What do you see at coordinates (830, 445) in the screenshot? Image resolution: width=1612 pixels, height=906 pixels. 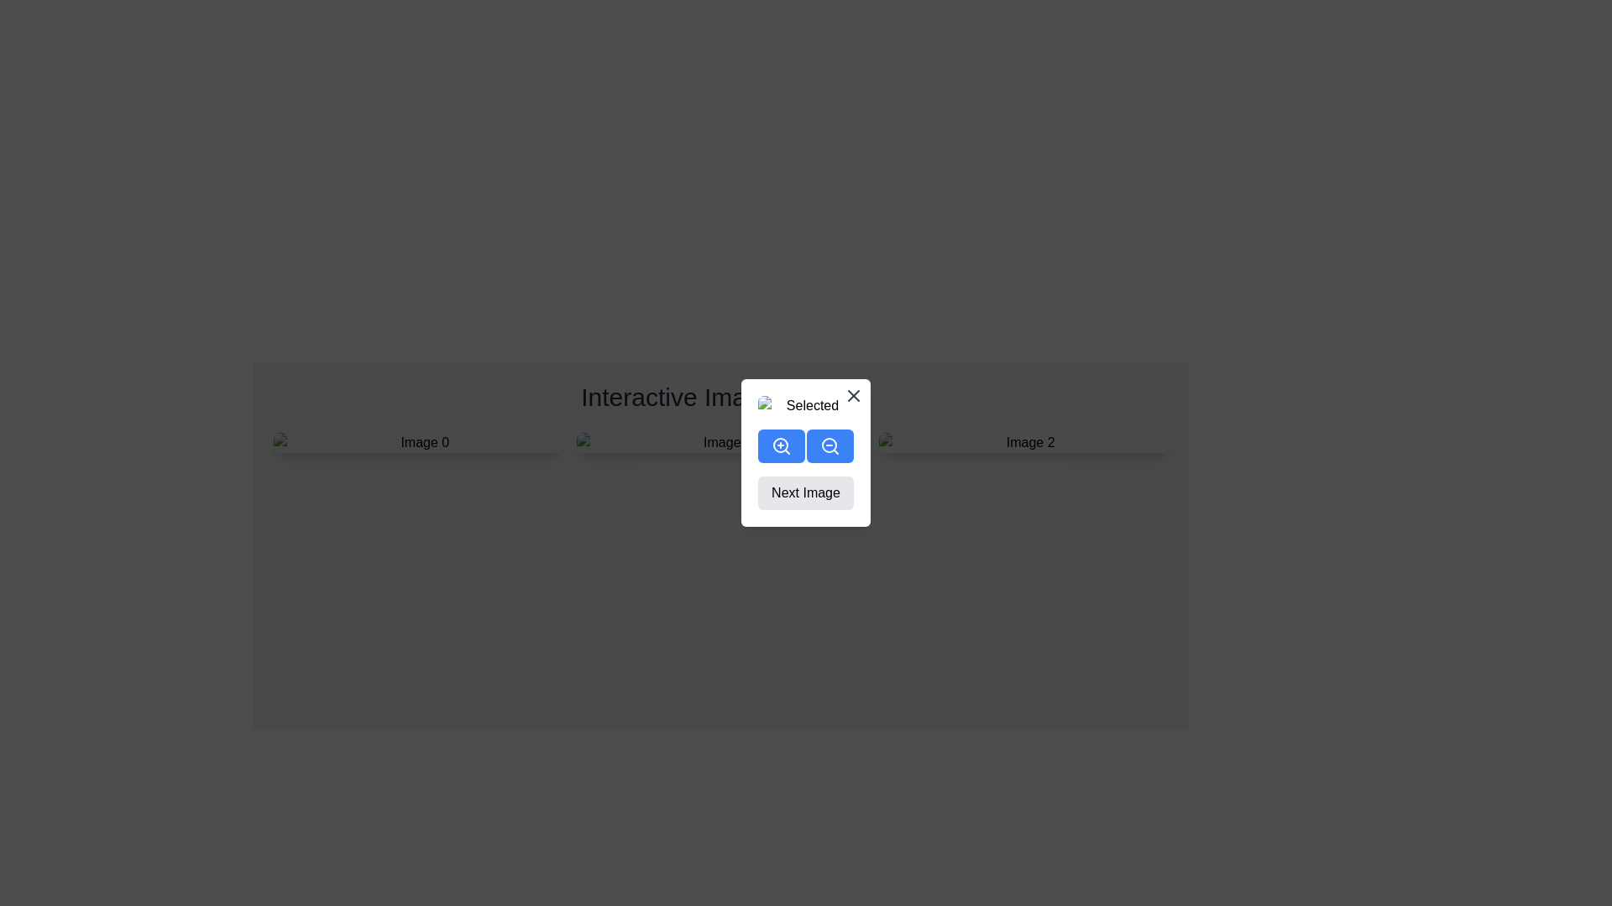 I see `the zoom-out icon, which is a magnifying glass with a small minus sign, located at the top right section of a modal dialog` at bounding box center [830, 445].